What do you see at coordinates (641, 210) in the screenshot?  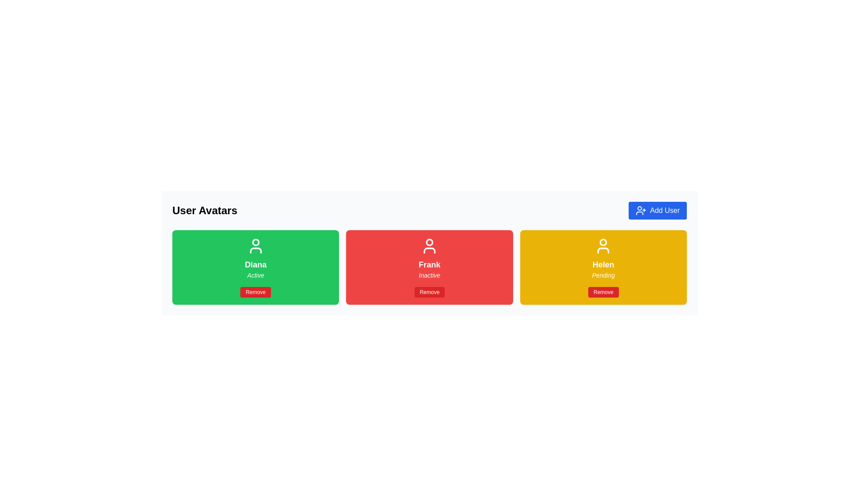 I see `the add user icon located on the left side of the 'Add User' text within the blue button in the top-right corner of the interface for accessibility support` at bounding box center [641, 210].